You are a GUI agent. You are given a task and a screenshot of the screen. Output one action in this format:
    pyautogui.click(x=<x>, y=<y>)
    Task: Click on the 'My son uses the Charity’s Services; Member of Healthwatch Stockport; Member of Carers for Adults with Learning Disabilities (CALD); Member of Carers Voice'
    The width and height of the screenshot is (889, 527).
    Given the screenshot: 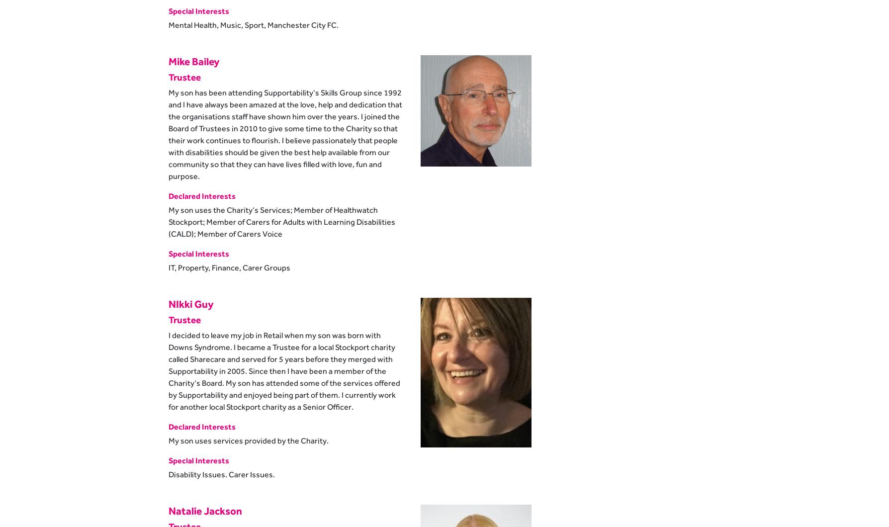 What is the action you would take?
    pyautogui.click(x=281, y=221)
    